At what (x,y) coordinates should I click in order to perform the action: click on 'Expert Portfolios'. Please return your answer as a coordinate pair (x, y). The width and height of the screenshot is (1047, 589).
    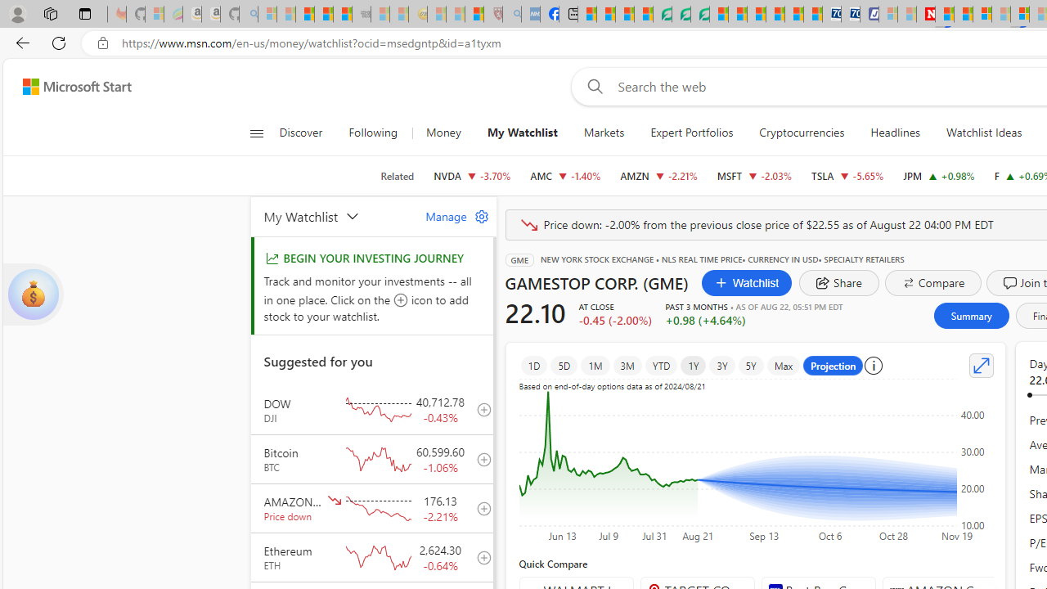
    Looking at the image, I should click on (692, 133).